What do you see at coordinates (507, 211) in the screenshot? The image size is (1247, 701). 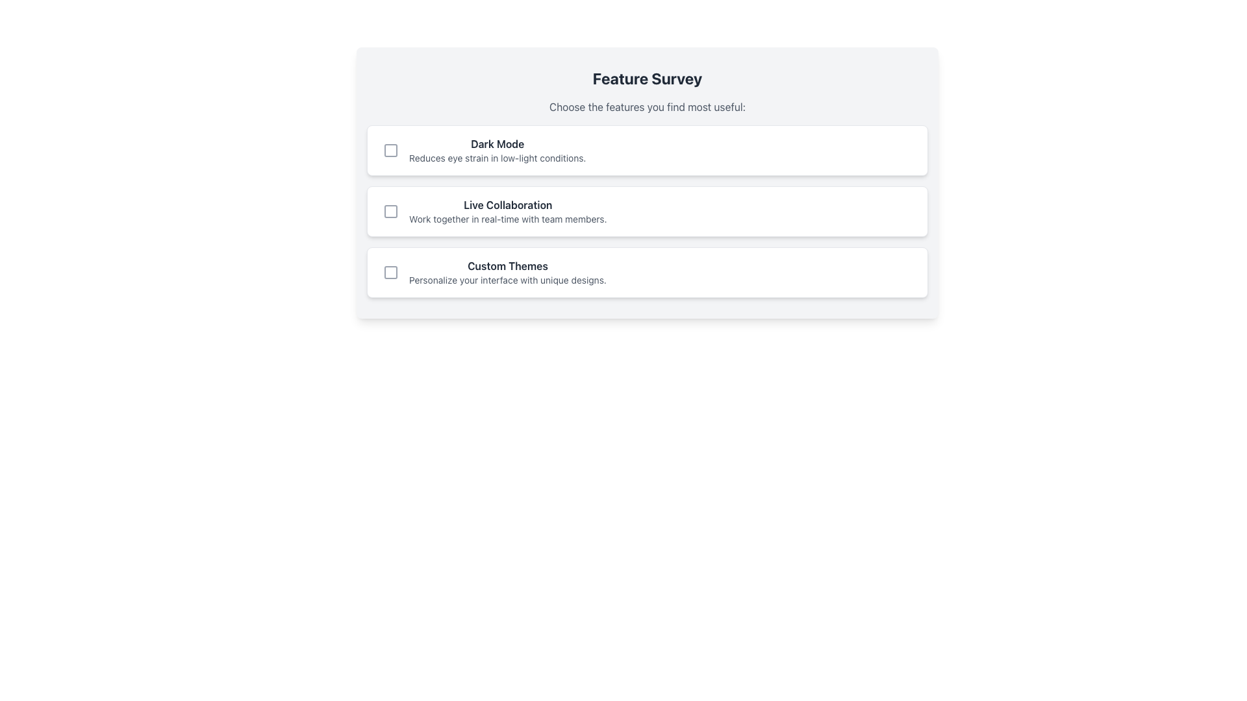 I see `the 'Live Collaboration' feature option in the feature survey located between 'Dark Mode' and 'Custom Themes'` at bounding box center [507, 211].